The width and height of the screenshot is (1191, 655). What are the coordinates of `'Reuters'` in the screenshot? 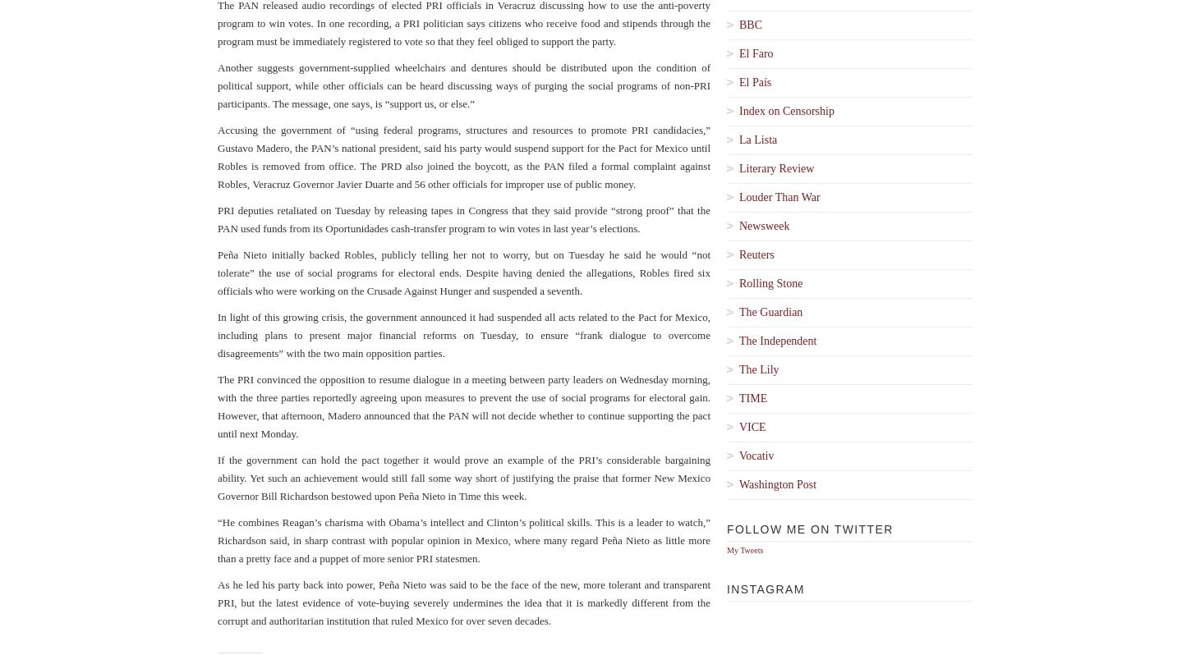 It's located at (756, 254).